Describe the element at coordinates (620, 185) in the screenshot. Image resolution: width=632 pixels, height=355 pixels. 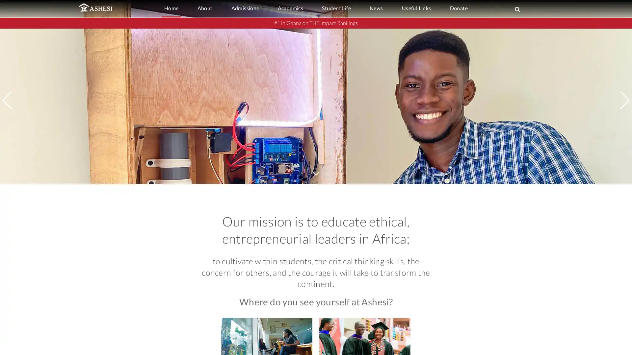
I see `Next` at that location.